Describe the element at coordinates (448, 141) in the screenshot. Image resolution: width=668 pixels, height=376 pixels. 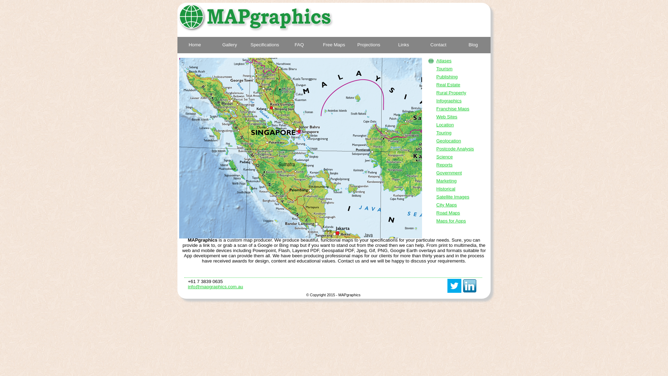
I see `'Geolocation'` at that location.